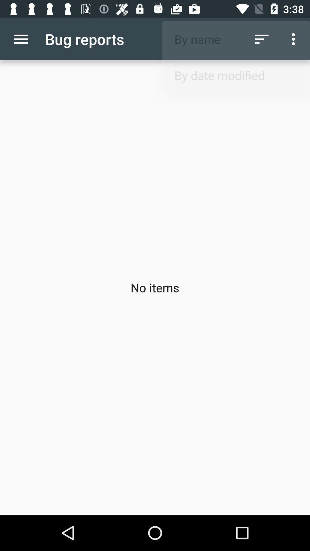 The height and width of the screenshot is (551, 310). What do you see at coordinates (261, 39) in the screenshot?
I see `item above the no items` at bounding box center [261, 39].